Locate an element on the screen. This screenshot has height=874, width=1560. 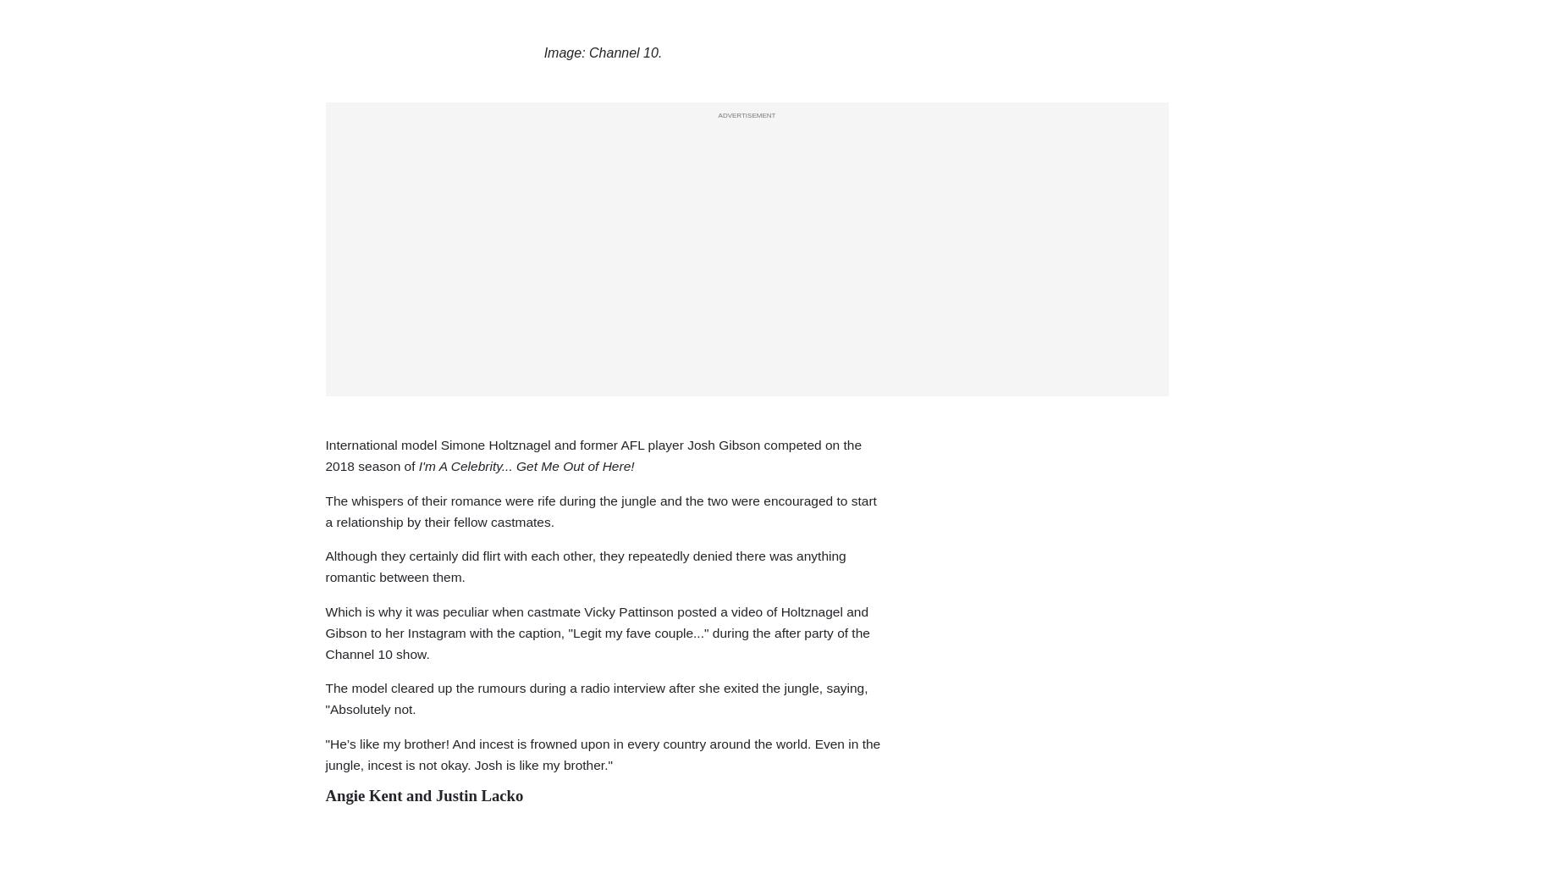
'"He’s like my brother! And incest is frowned upon in every country around the world. Even in the jungle, incest is not okay. Josh is like my brother."' is located at coordinates (601, 753).